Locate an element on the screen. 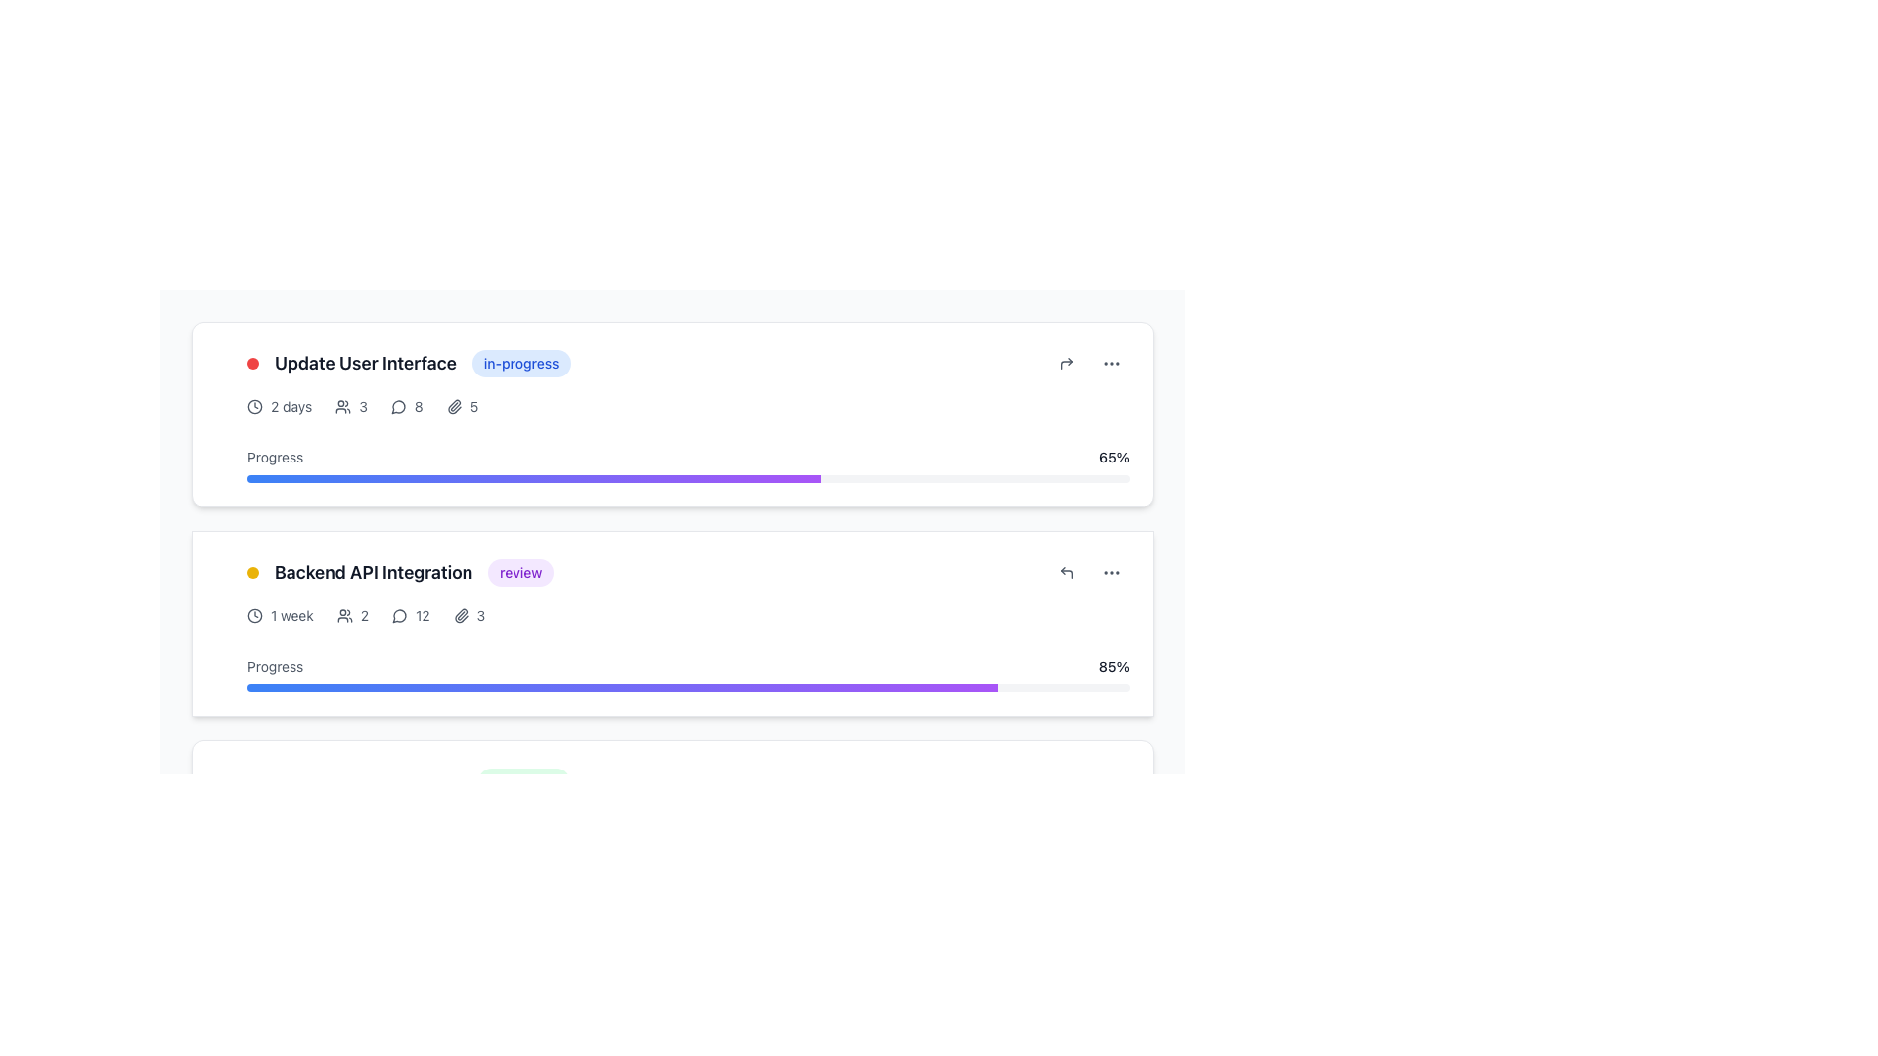  the ellipsis icon located in the top-right corner of the rectangular card layout is located at coordinates (1112, 572).